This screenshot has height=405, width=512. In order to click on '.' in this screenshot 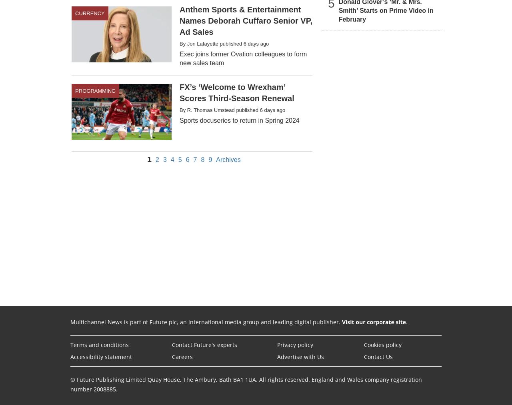, I will do `click(406, 321)`.